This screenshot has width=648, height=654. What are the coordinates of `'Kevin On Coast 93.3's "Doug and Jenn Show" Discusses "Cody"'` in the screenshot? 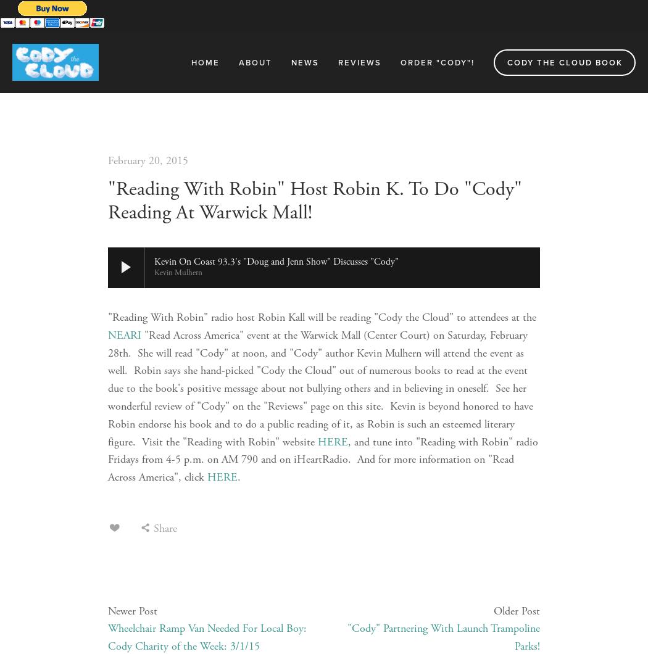 It's located at (154, 261).